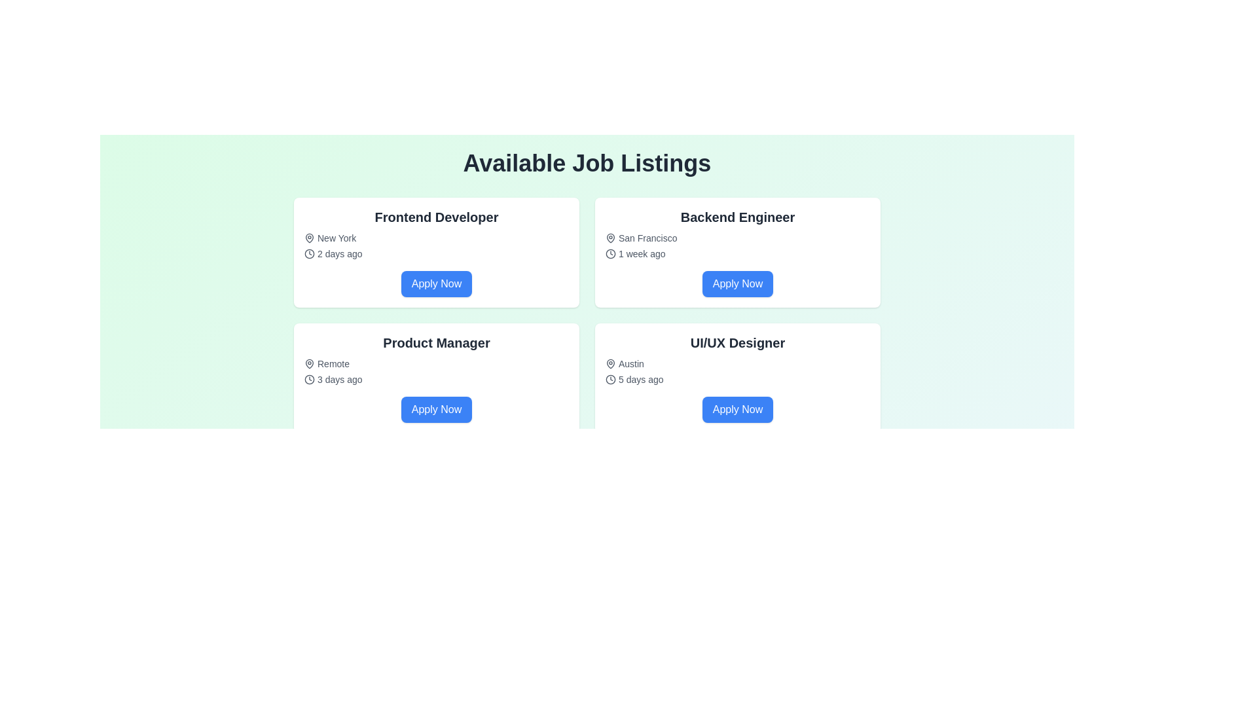 The height and width of the screenshot is (707, 1257). Describe the element at coordinates (437, 216) in the screenshot. I see `the static text displaying the job title 'Frontend Developer', which is located at the top center of the job posting card` at that location.